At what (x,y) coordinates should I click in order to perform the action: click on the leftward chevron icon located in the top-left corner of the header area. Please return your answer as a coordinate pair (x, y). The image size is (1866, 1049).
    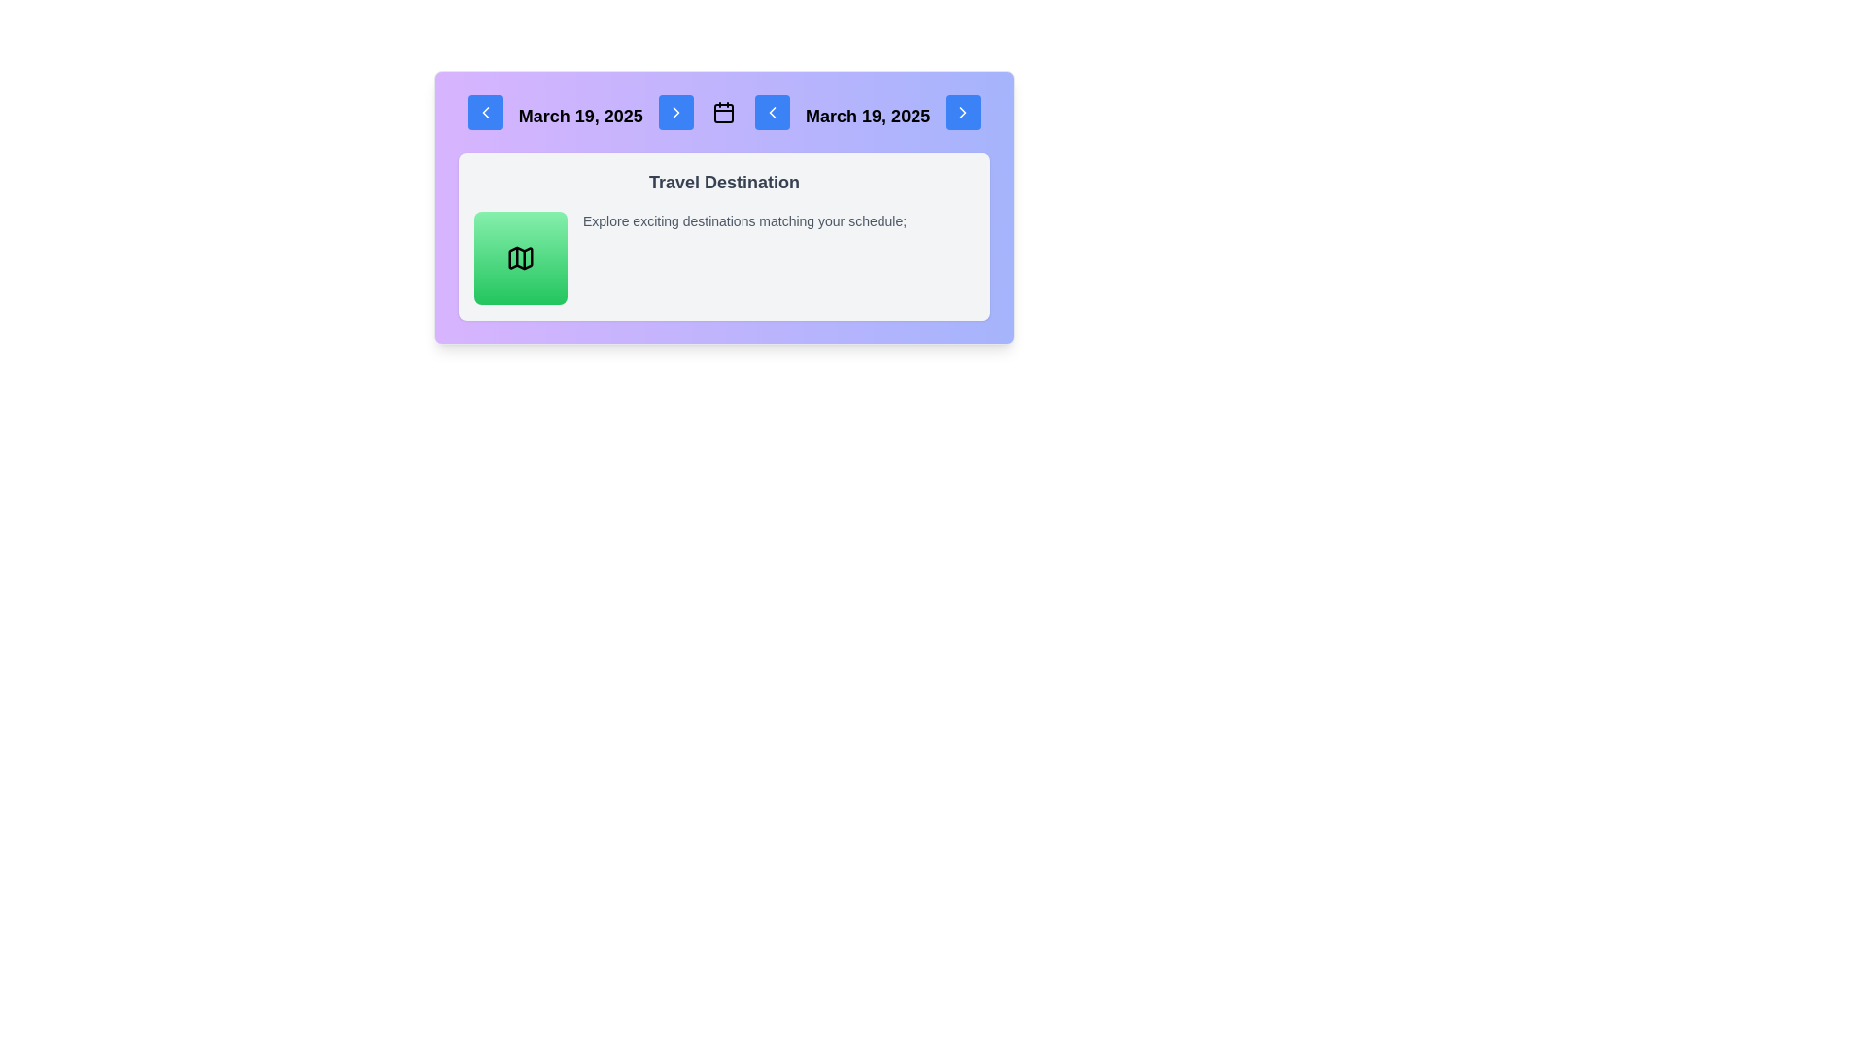
    Looking at the image, I should click on (772, 112).